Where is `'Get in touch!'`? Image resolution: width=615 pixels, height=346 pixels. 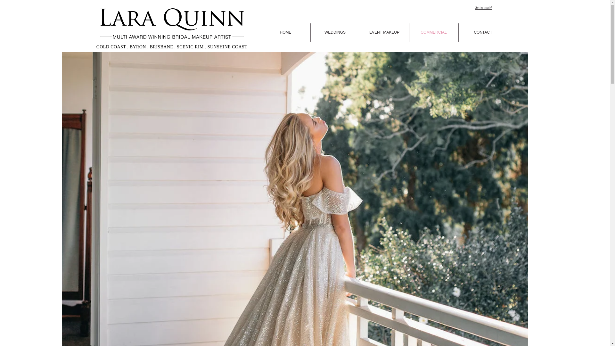 'Get in touch!' is located at coordinates (483, 7).